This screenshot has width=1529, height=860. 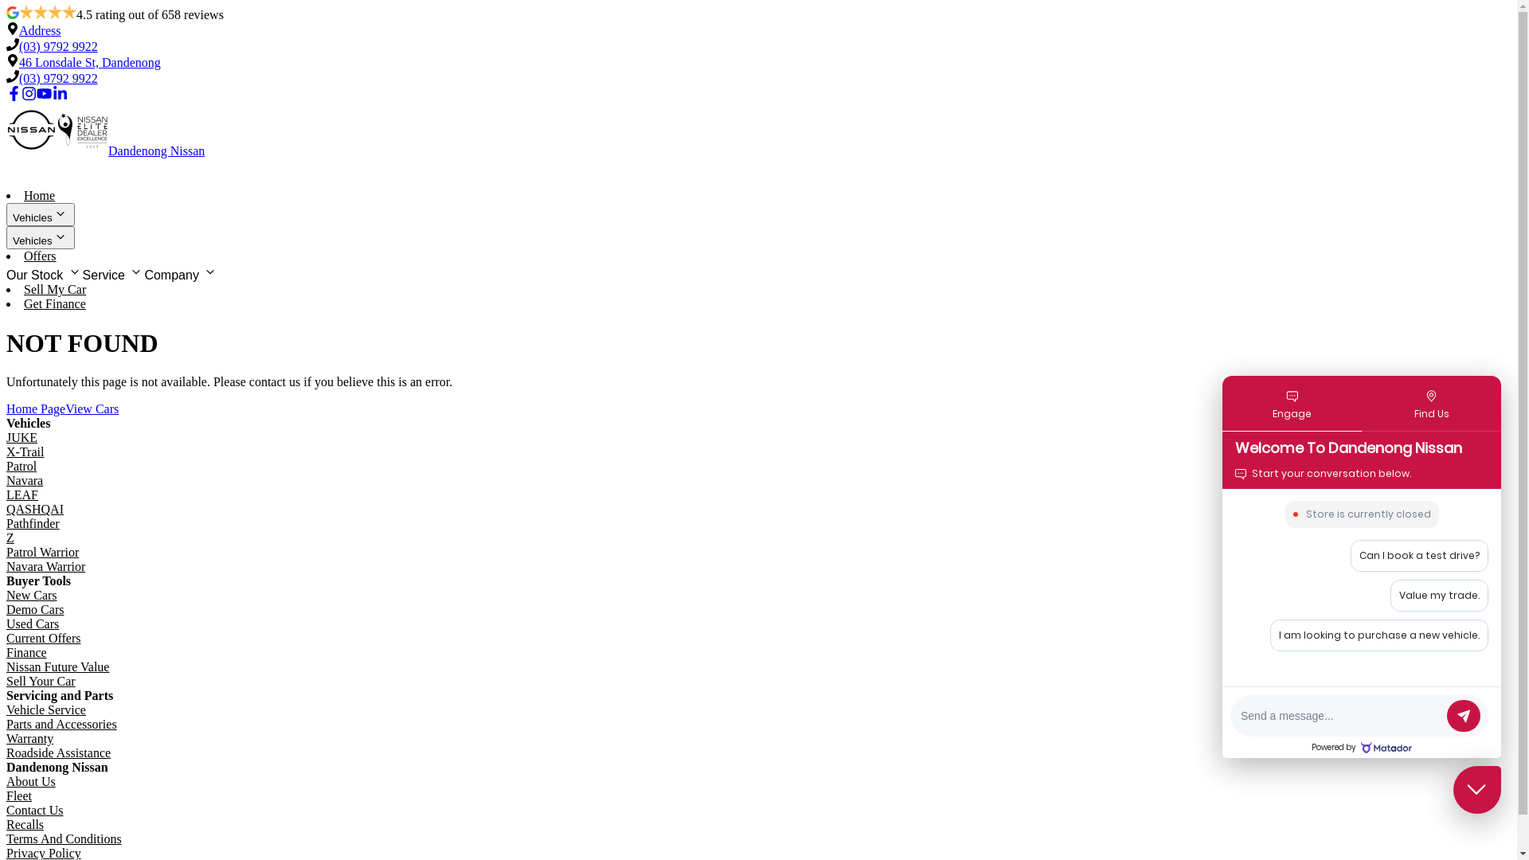 I want to click on 'Pathfinder', so click(x=33, y=523).